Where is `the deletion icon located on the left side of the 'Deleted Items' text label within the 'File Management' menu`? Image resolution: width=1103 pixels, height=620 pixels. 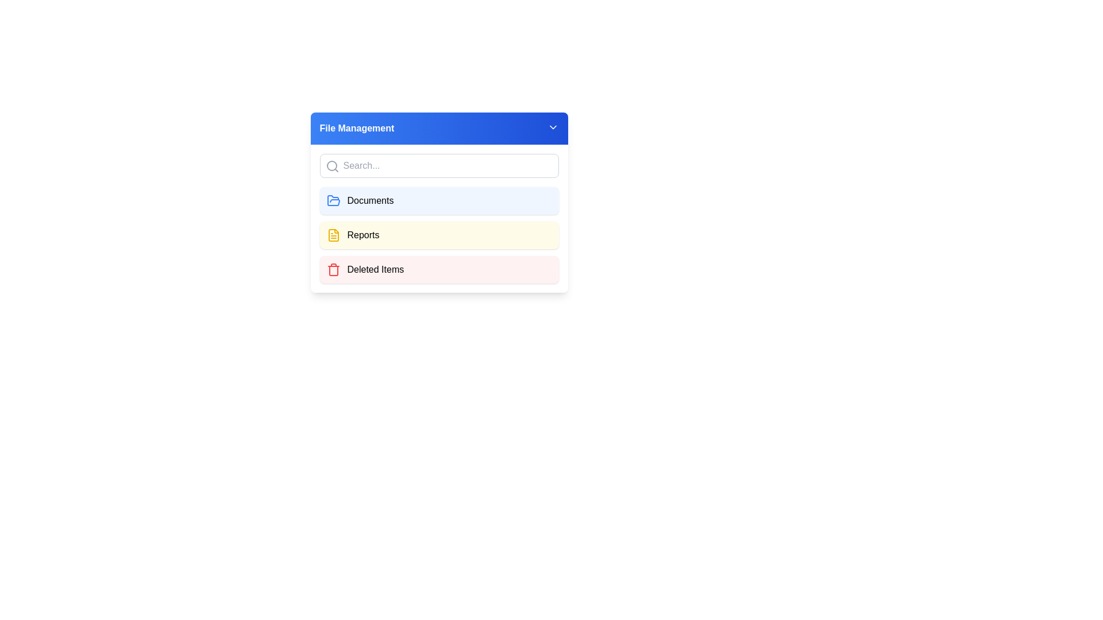
the deletion icon located on the left side of the 'Deleted Items' text label within the 'File Management' menu is located at coordinates (333, 270).